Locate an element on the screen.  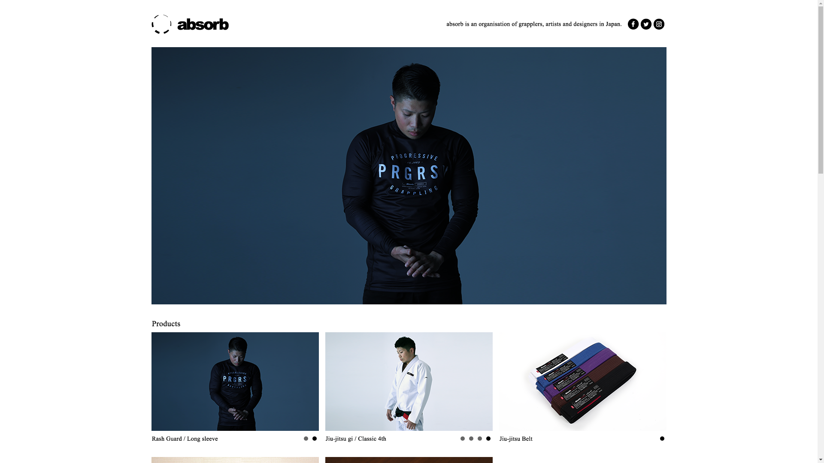
'1' is located at coordinates (659, 438).